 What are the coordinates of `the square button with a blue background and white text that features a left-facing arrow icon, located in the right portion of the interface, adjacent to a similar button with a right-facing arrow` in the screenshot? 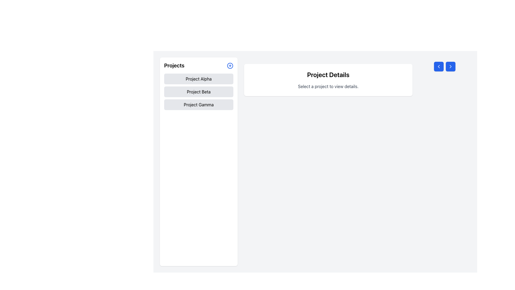 It's located at (439, 66).